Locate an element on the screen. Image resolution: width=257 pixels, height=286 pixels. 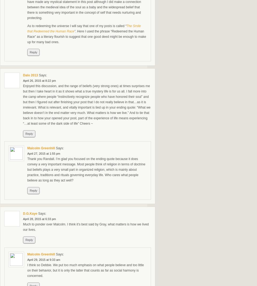
'Much to ponder over Malcolm. I think it’s best said by Gray, what matters is how we lived our lives.' is located at coordinates (23, 226).